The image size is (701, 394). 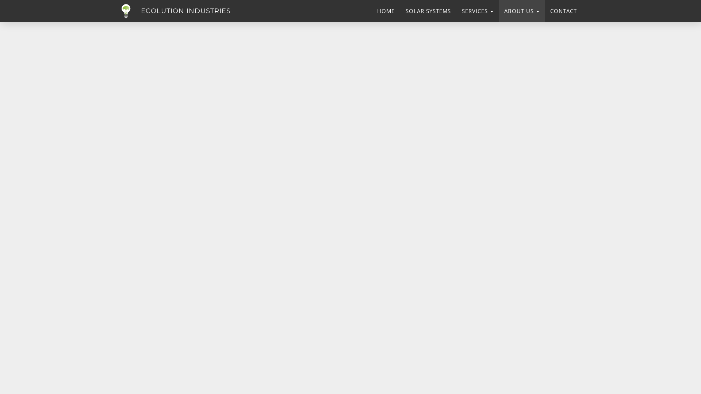 I want to click on 'HOME', so click(x=385, y=11).